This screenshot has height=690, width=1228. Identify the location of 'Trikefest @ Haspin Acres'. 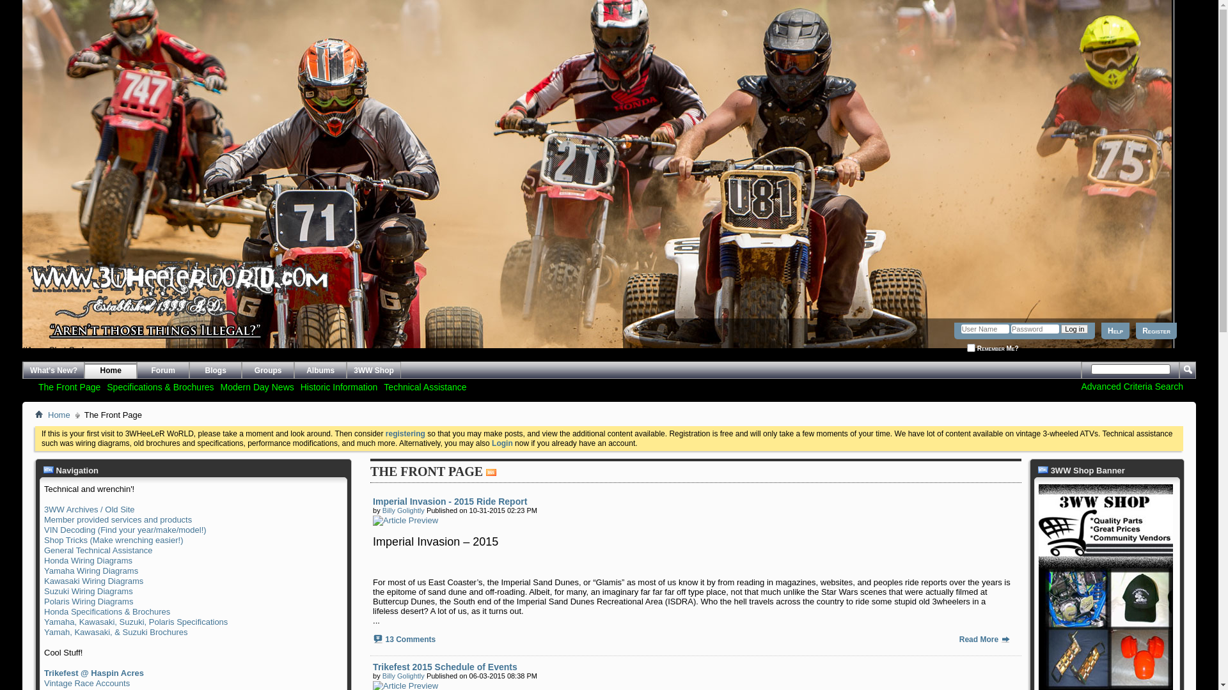
(43, 672).